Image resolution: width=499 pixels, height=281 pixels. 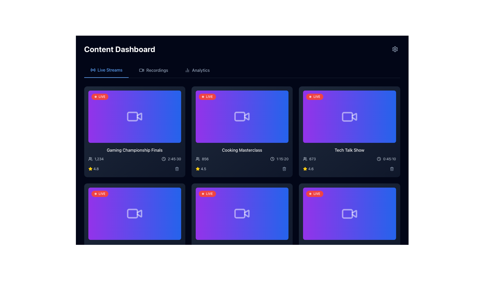 What do you see at coordinates (279, 158) in the screenshot?
I see `time duration displayed as '1:15:20' in the light color font to the right of the clock icon within the 'Cooking Masterclass' card` at bounding box center [279, 158].